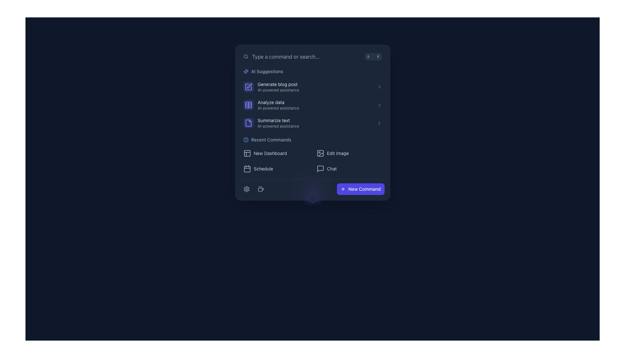  I want to click on the small rectangular shape with rounded corners in the top-left corner of the icon, so click(320, 153).